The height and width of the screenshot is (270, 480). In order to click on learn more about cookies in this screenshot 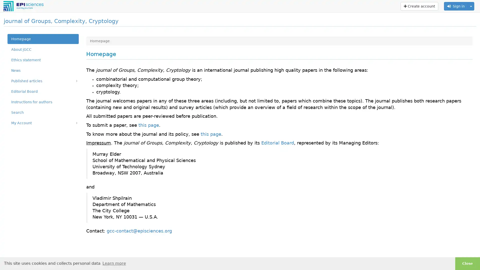, I will do `click(114, 263)`.